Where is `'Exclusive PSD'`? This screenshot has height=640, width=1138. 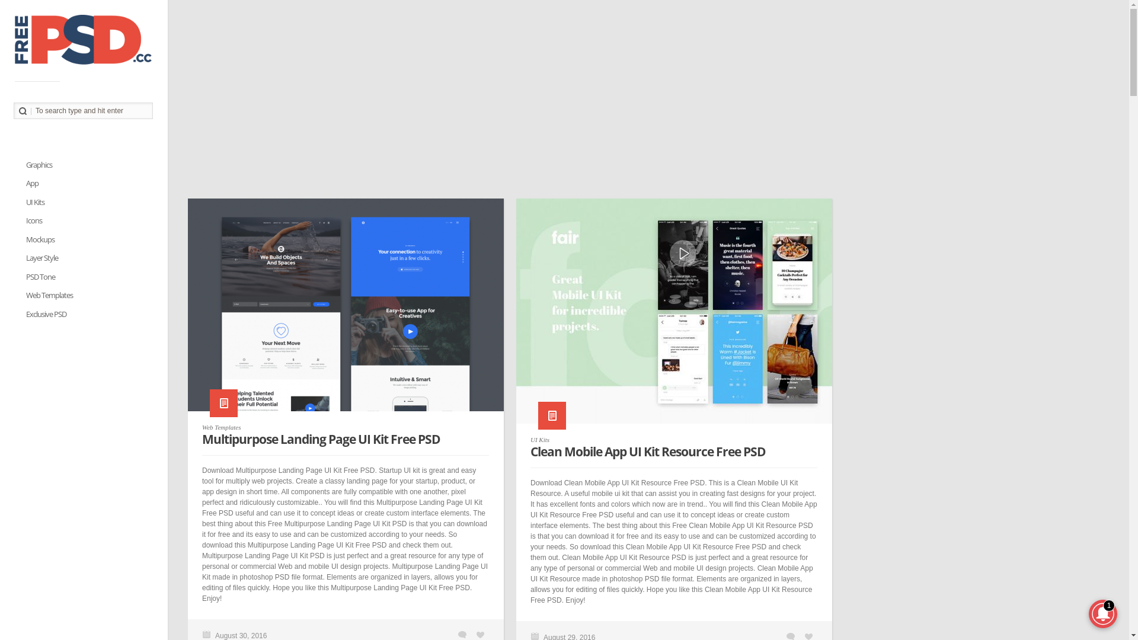
'Exclusive PSD' is located at coordinates (46, 313).